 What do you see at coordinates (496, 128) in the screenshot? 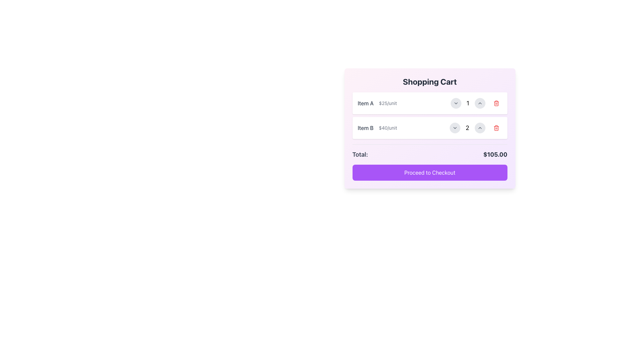
I see `the delete button for 'Item B'` at bounding box center [496, 128].